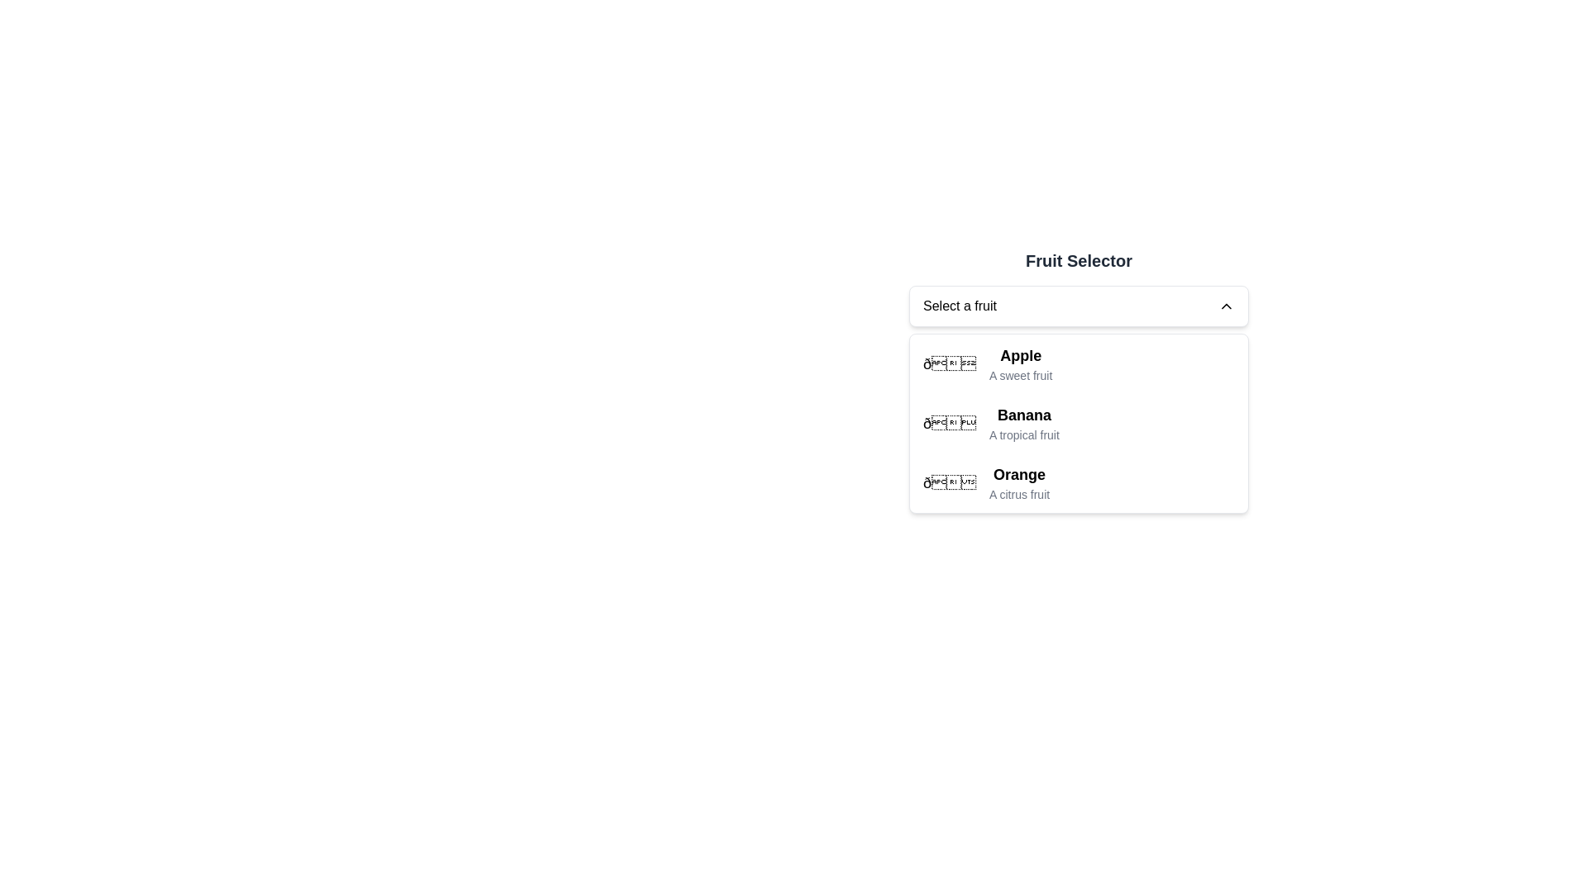 The image size is (1587, 892). What do you see at coordinates (1022, 423) in the screenshot?
I see `the list item displaying 'Banana' in the 'Fruit Selector' dropdown` at bounding box center [1022, 423].